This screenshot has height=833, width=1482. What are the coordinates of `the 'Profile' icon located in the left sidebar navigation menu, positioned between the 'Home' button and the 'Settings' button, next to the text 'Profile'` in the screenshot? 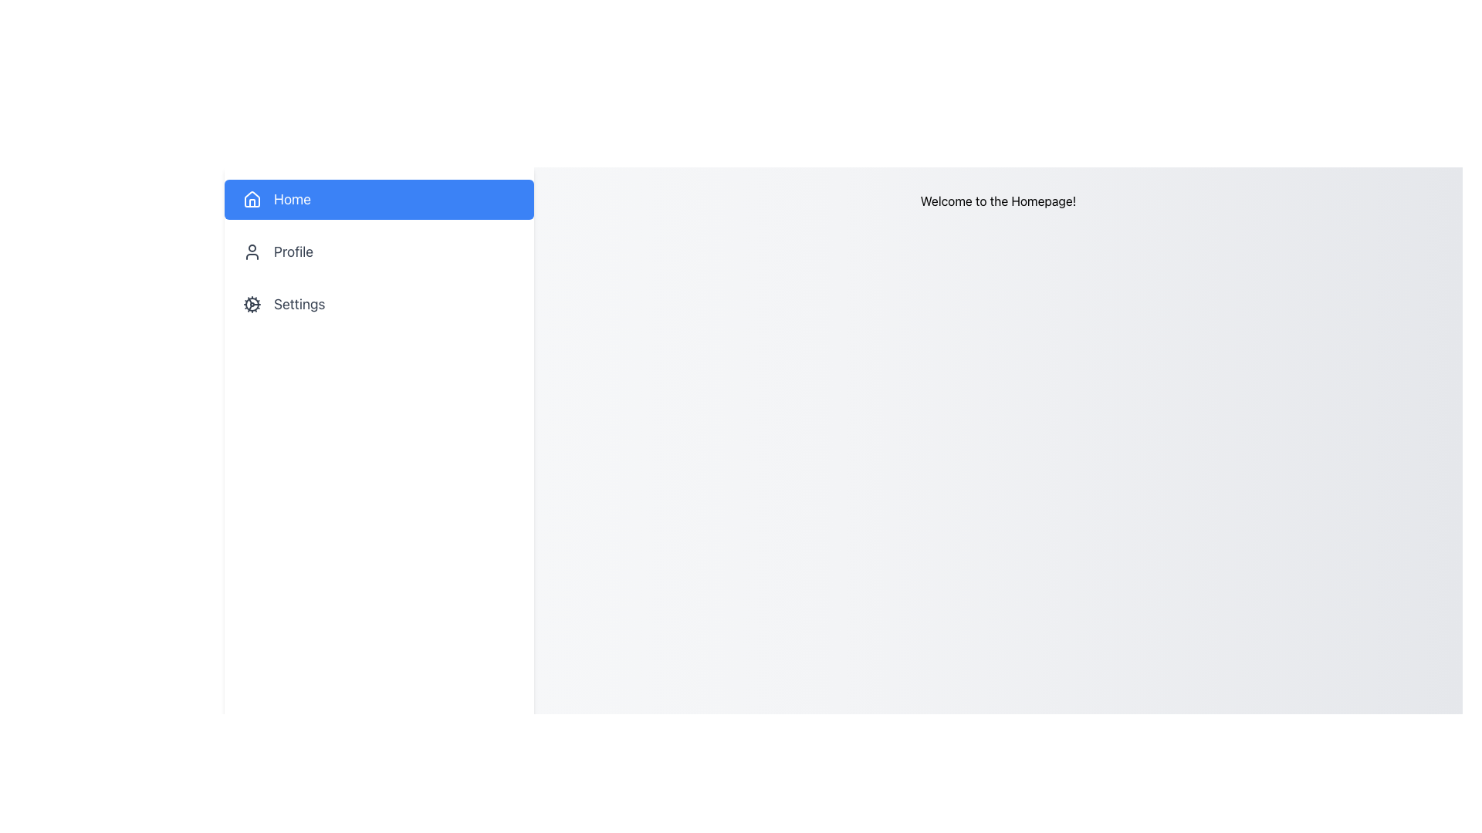 It's located at (252, 251).